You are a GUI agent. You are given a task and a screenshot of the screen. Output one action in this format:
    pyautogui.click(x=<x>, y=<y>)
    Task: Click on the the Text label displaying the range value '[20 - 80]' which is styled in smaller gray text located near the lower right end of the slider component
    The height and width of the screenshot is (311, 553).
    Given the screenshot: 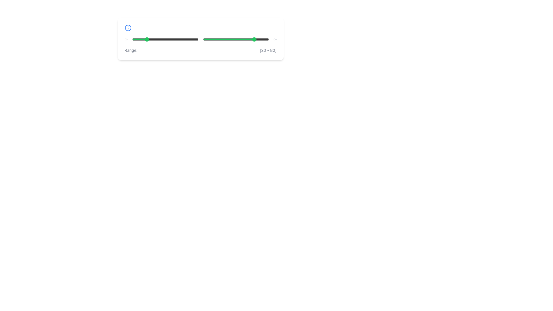 What is the action you would take?
    pyautogui.click(x=268, y=50)
    